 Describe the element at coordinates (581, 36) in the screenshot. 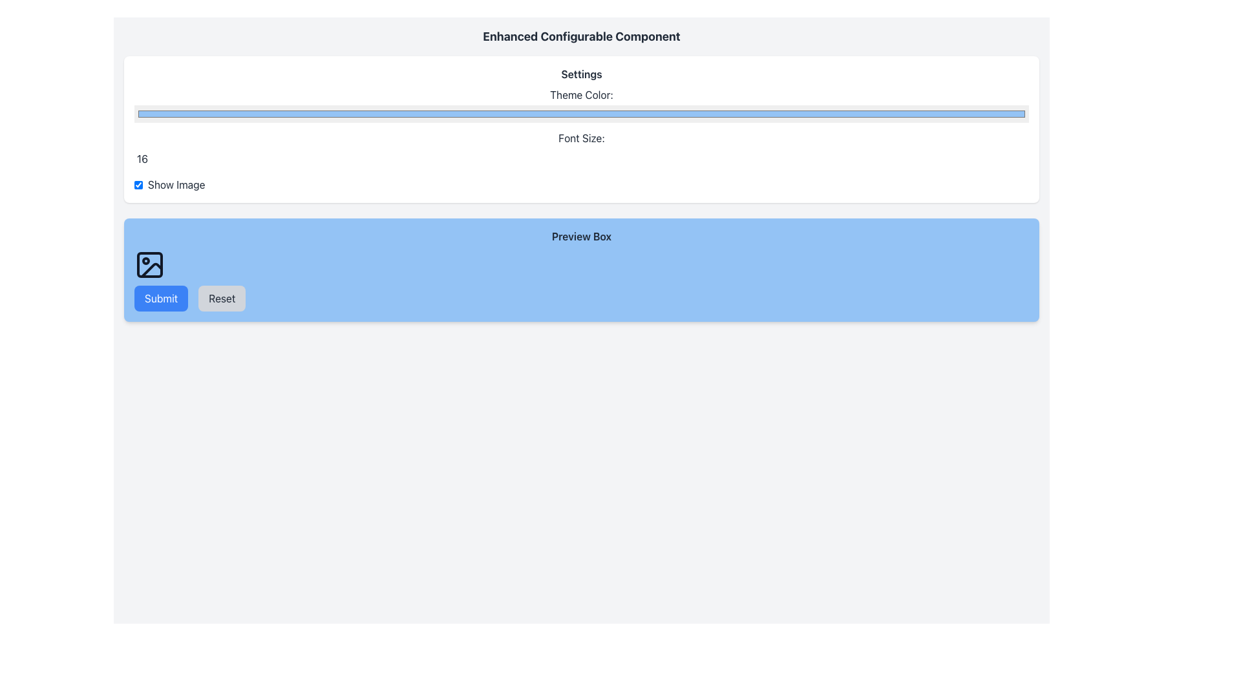

I see `the bold text header labeled 'Enhanced Configurable Component' located at the top of the section` at that location.